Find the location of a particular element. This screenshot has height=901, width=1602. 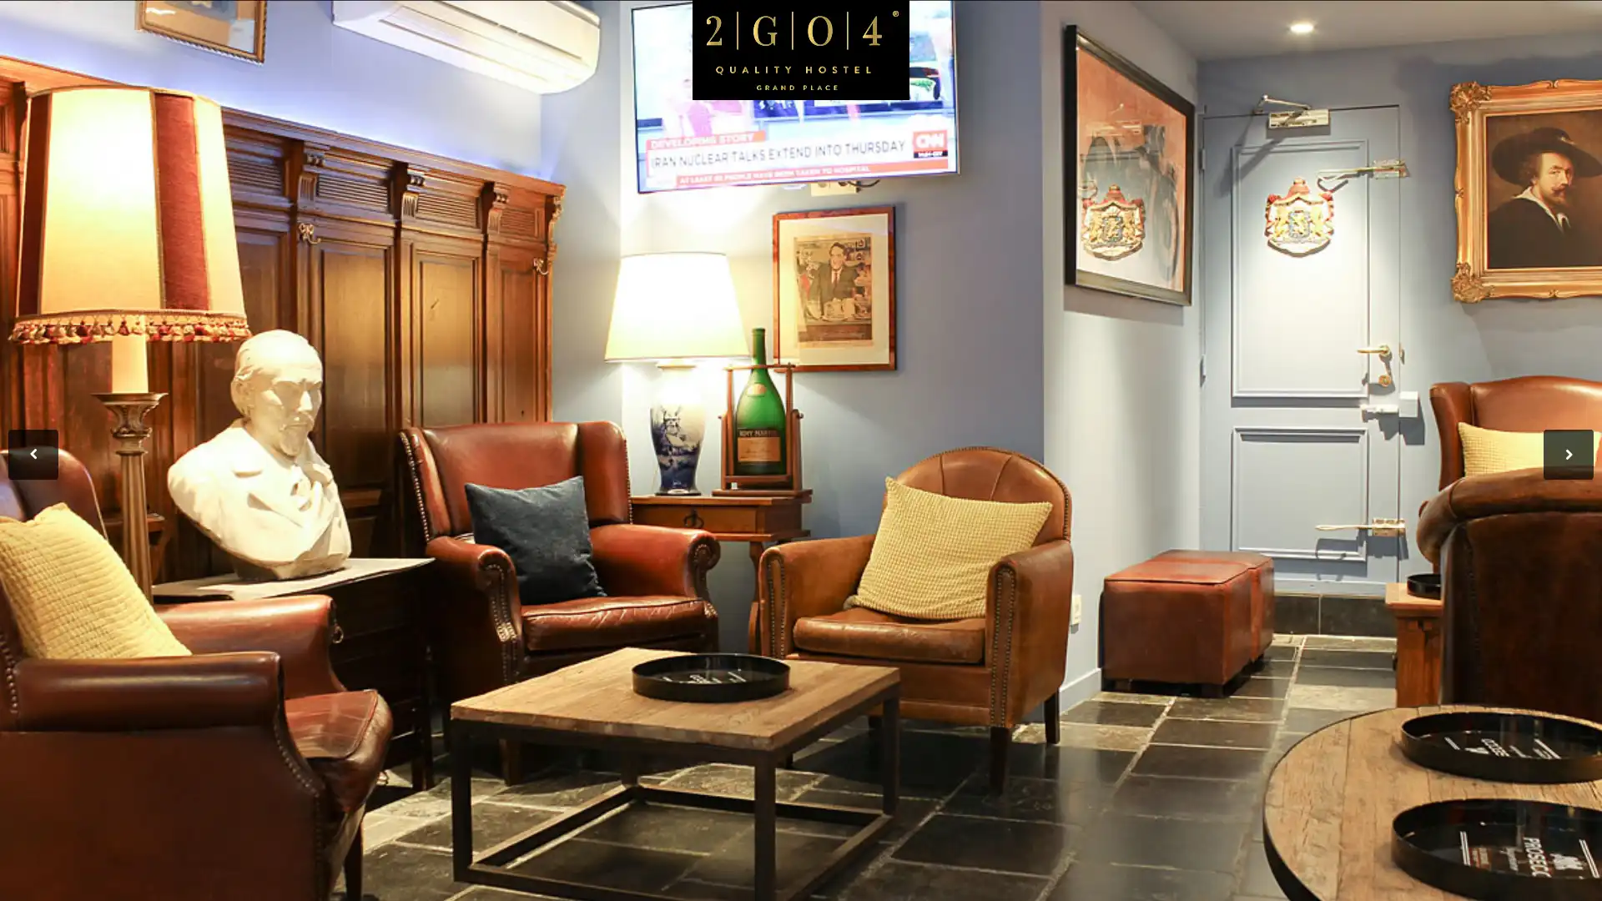

book now is located at coordinates (1463, 135).